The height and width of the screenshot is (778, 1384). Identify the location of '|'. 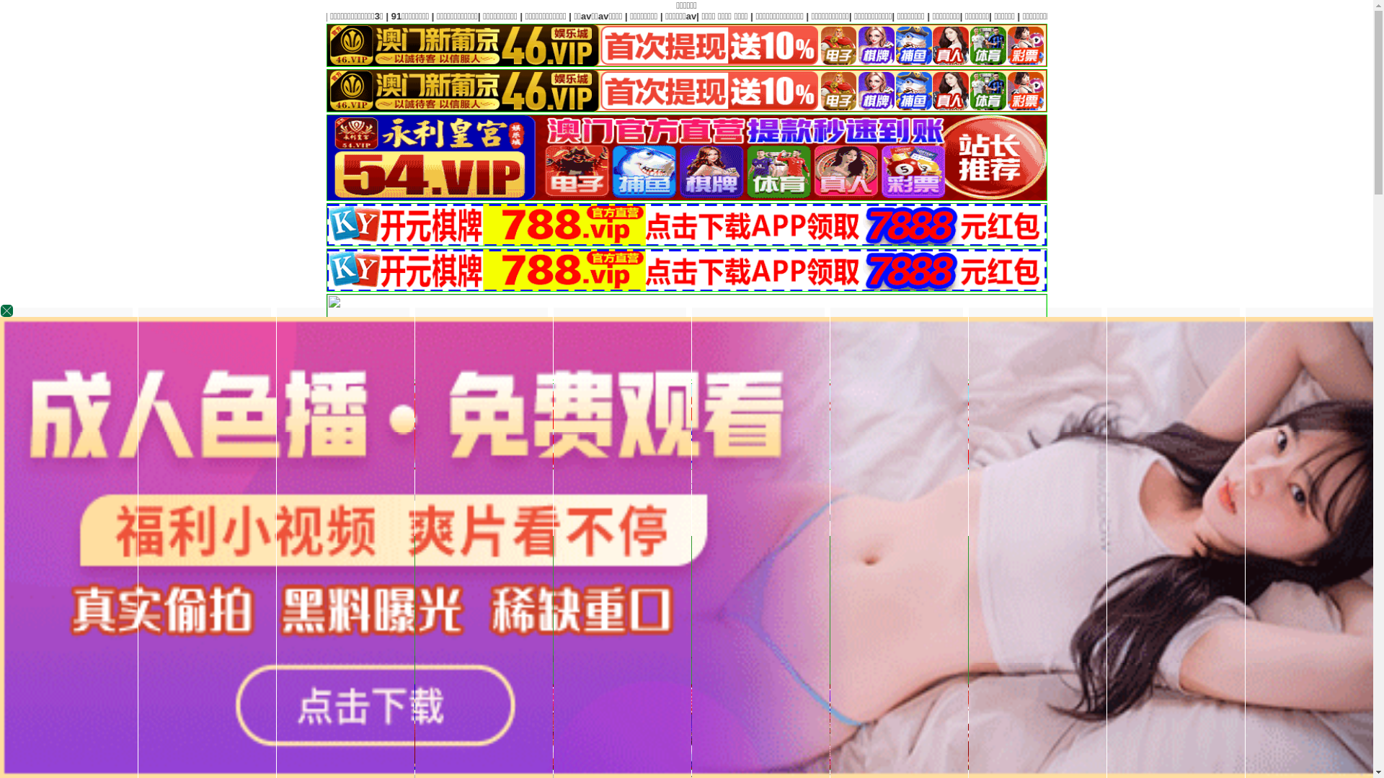
(958, 658).